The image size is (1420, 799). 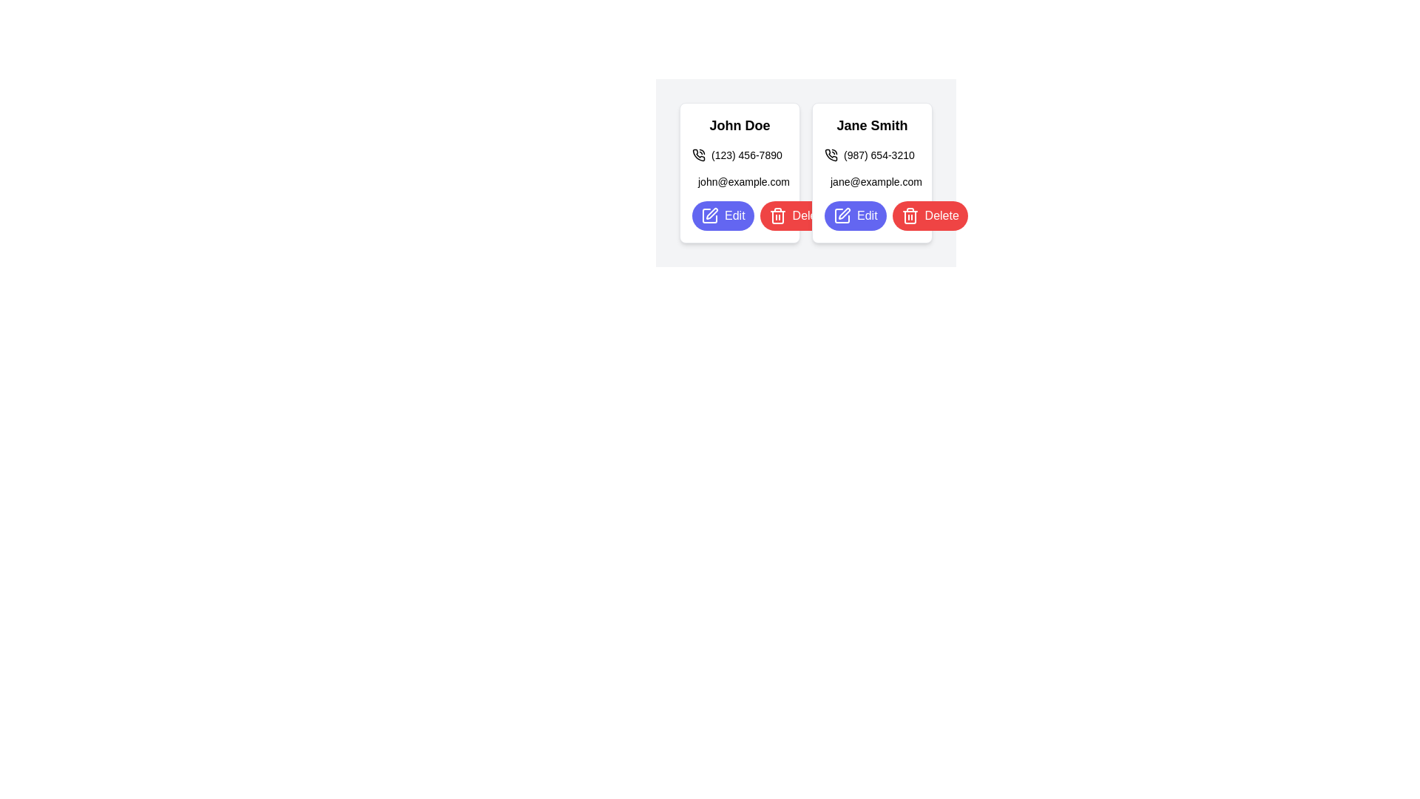 I want to click on the Text Label displaying 'John Doe', which is bold and large, positioned at the top of a card on the left side of a two-card layout, so click(x=740, y=124).